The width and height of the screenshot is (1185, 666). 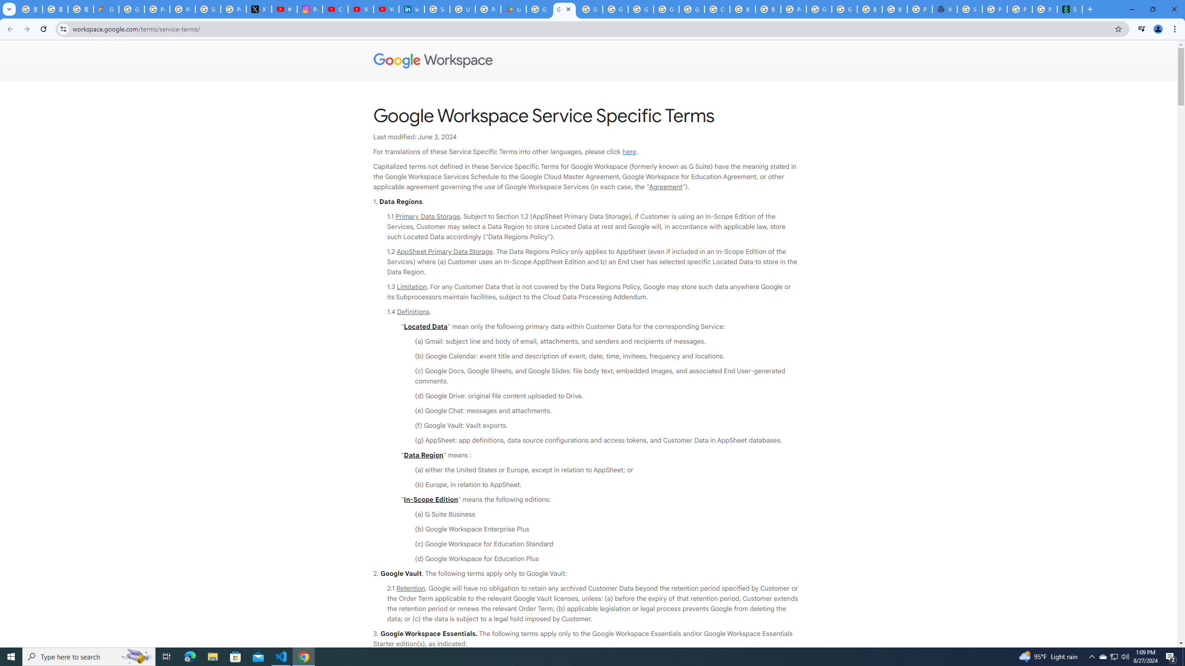 I want to click on 'Google Workspace - Specific Terms', so click(x=564, y=9).